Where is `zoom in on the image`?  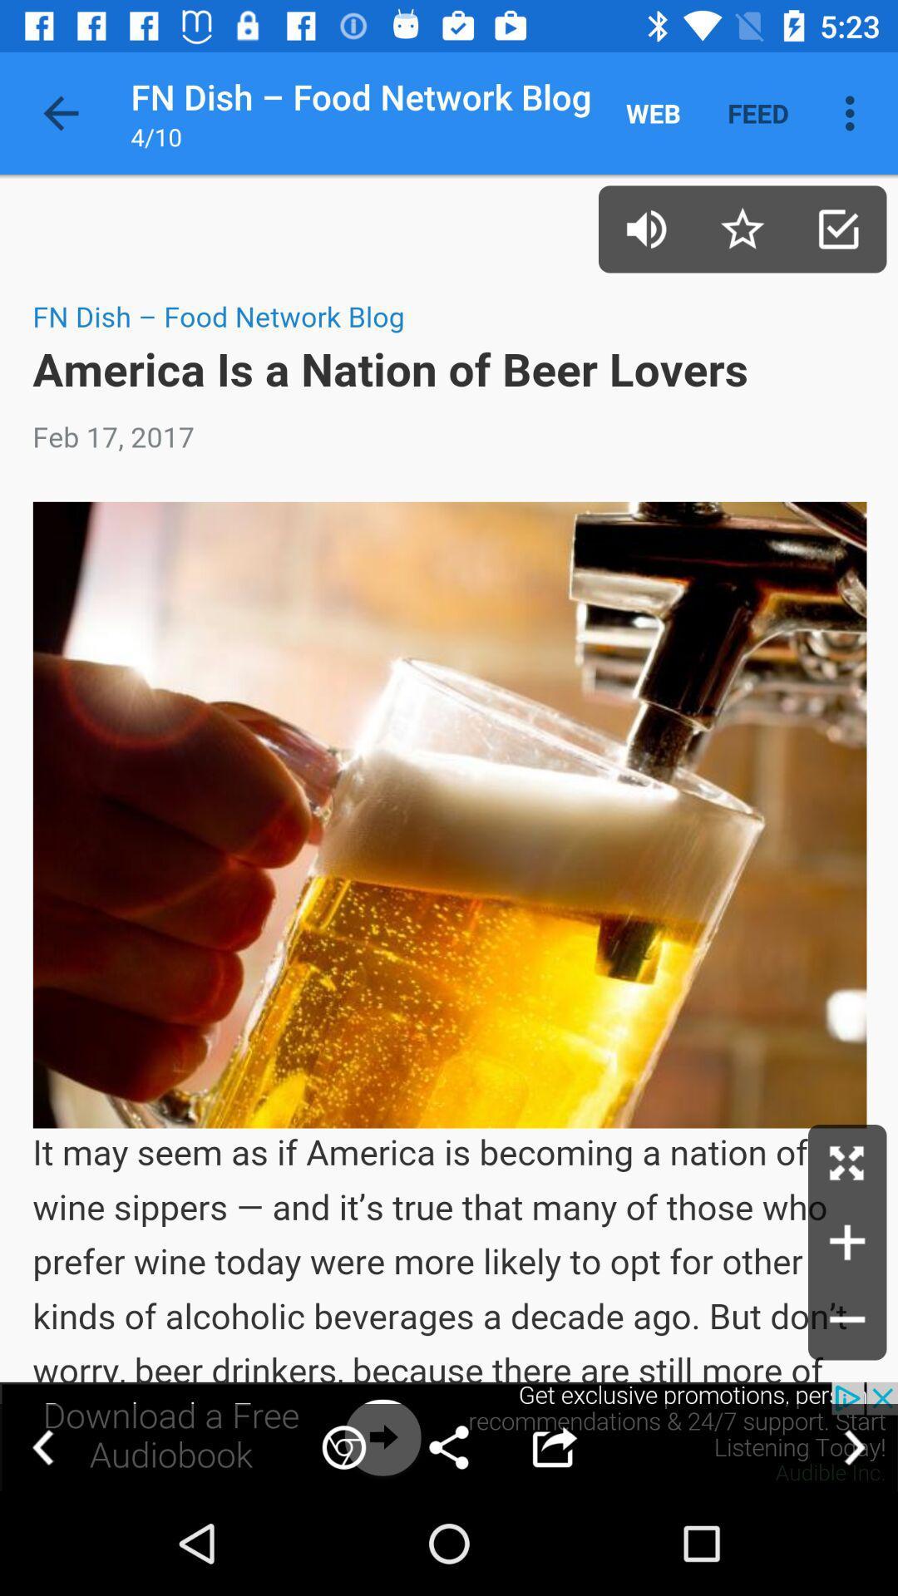 zoom in on the image is located at coordinates (847, 1242).